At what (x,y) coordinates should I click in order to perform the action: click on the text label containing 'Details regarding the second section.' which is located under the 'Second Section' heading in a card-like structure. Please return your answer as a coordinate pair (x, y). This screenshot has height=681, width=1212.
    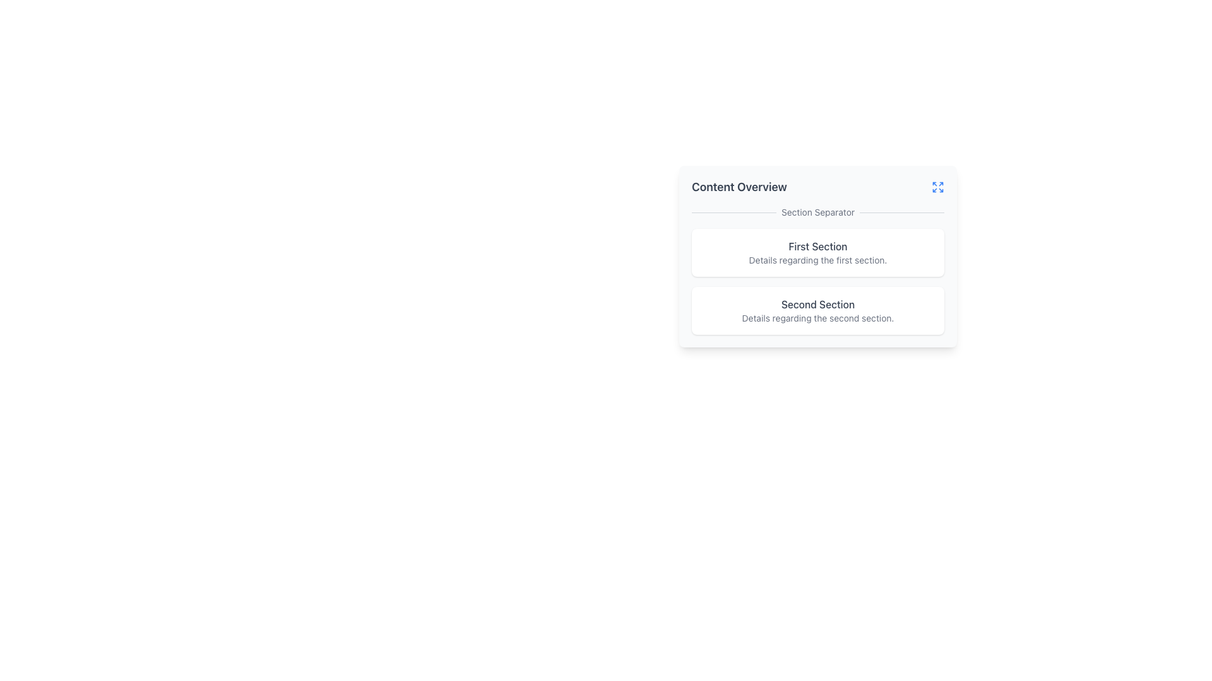
    Looking at the image, I should click on (818, 318).